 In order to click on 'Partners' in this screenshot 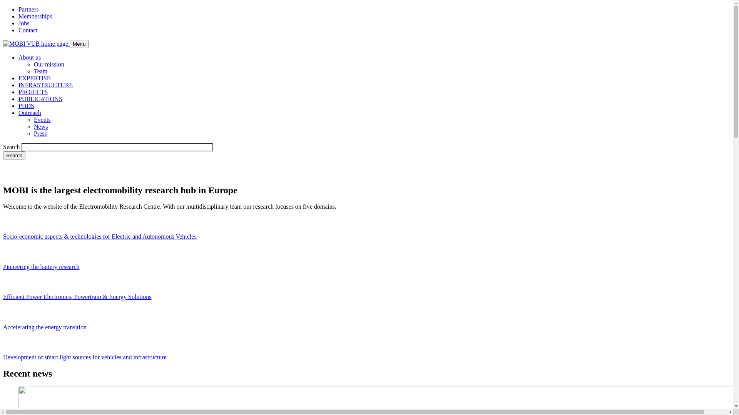, I will do `click(28, 9)`.